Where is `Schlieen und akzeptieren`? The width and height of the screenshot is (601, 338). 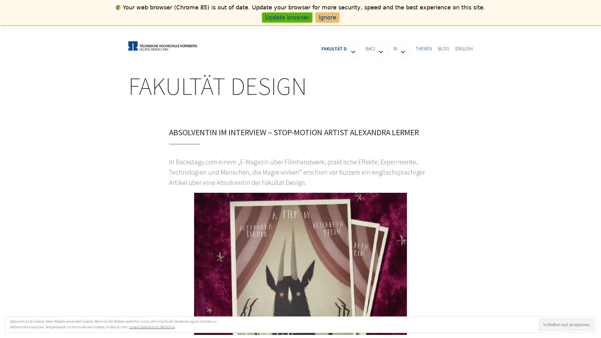 Schlieen und akzeptieren is located at coordinates (566, 324).